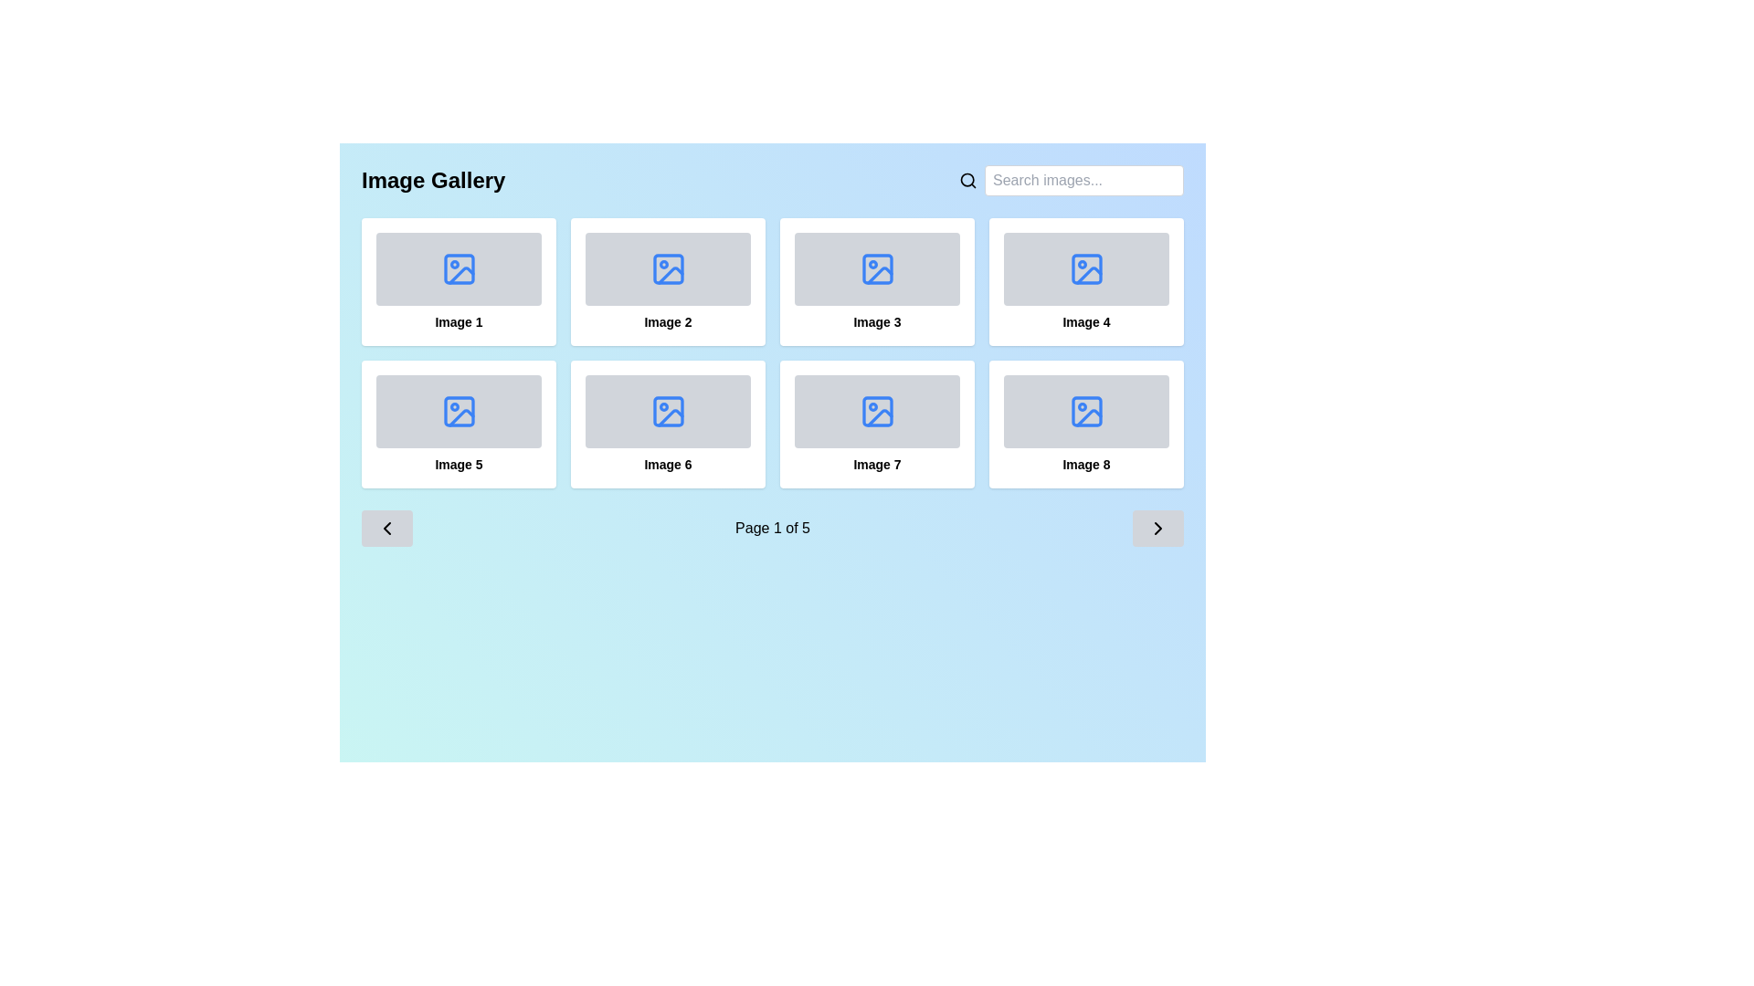 This screenshot has width=1754, height=986. Describe the element at coordinates (386, 528) in the screenshot. I see `the disabled button on the left side of the gallery navigation bar that features a chevron symbol, indicating its function to navigate to the previous page` at that location.